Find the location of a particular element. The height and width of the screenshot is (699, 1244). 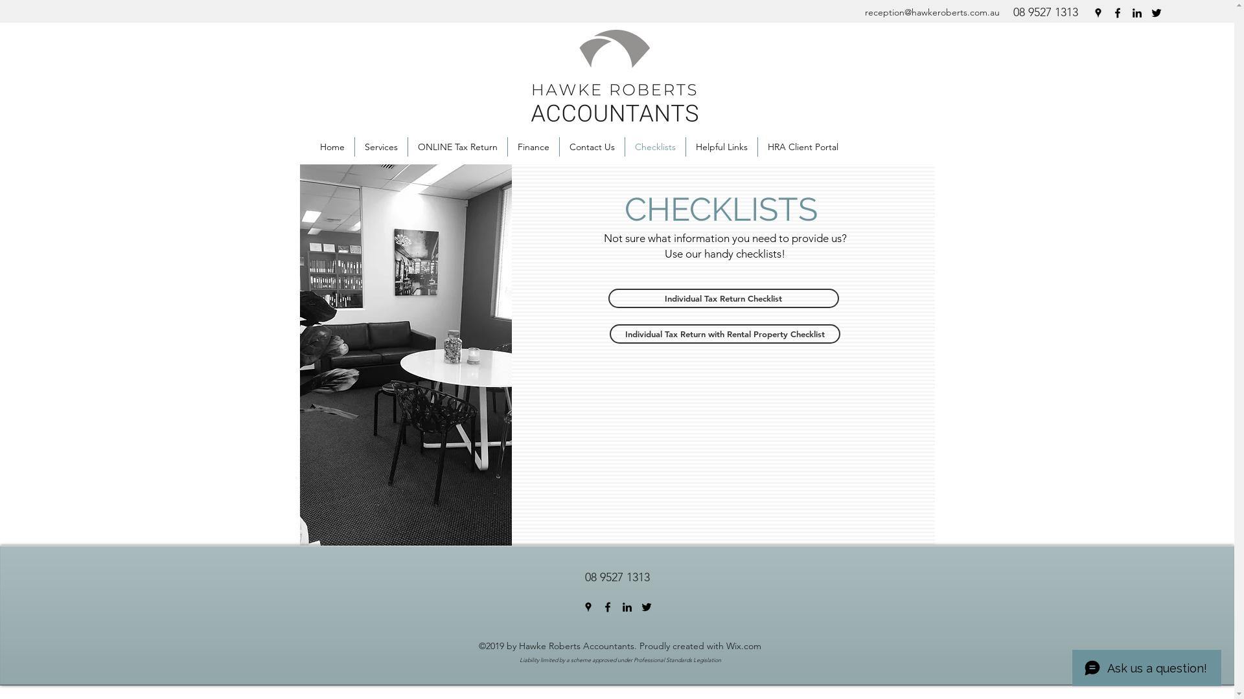

'reception@hawkeroberts.com.au' is located at coordinates (931, 12).